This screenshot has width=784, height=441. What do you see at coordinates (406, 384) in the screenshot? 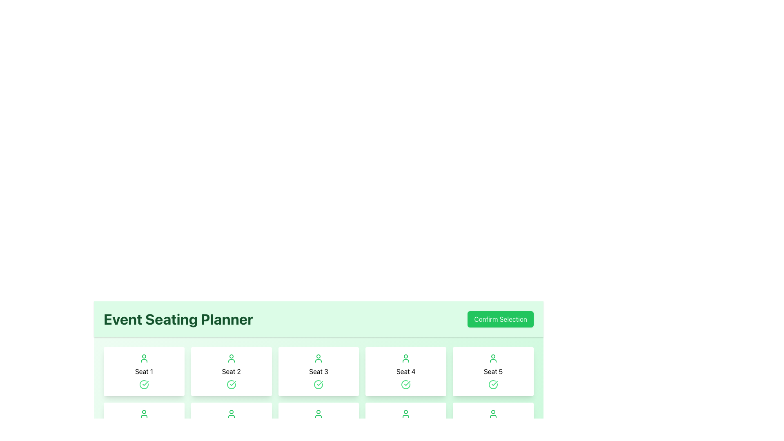
I see `the circular arc graphical element within the 'Seat 4' section of the 'Event Seating Planner' interface` at bounding box center [406, 384].